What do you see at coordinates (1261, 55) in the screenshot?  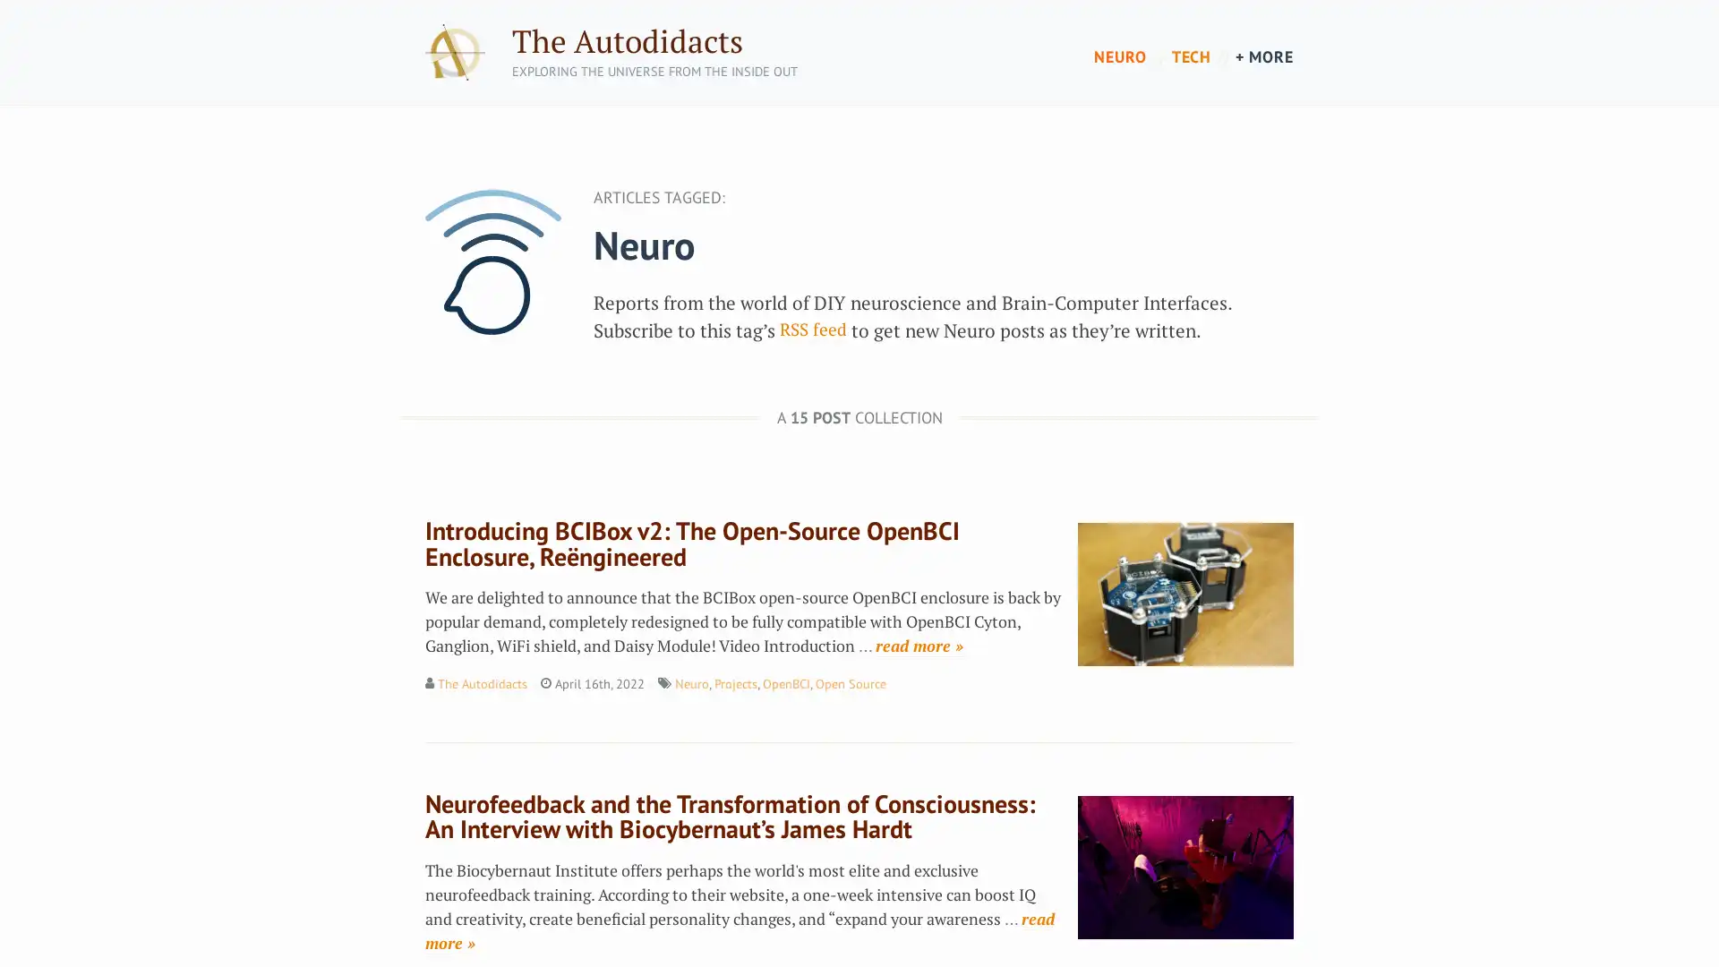 I see `+ MORE` at bounding box center [1261, 55].